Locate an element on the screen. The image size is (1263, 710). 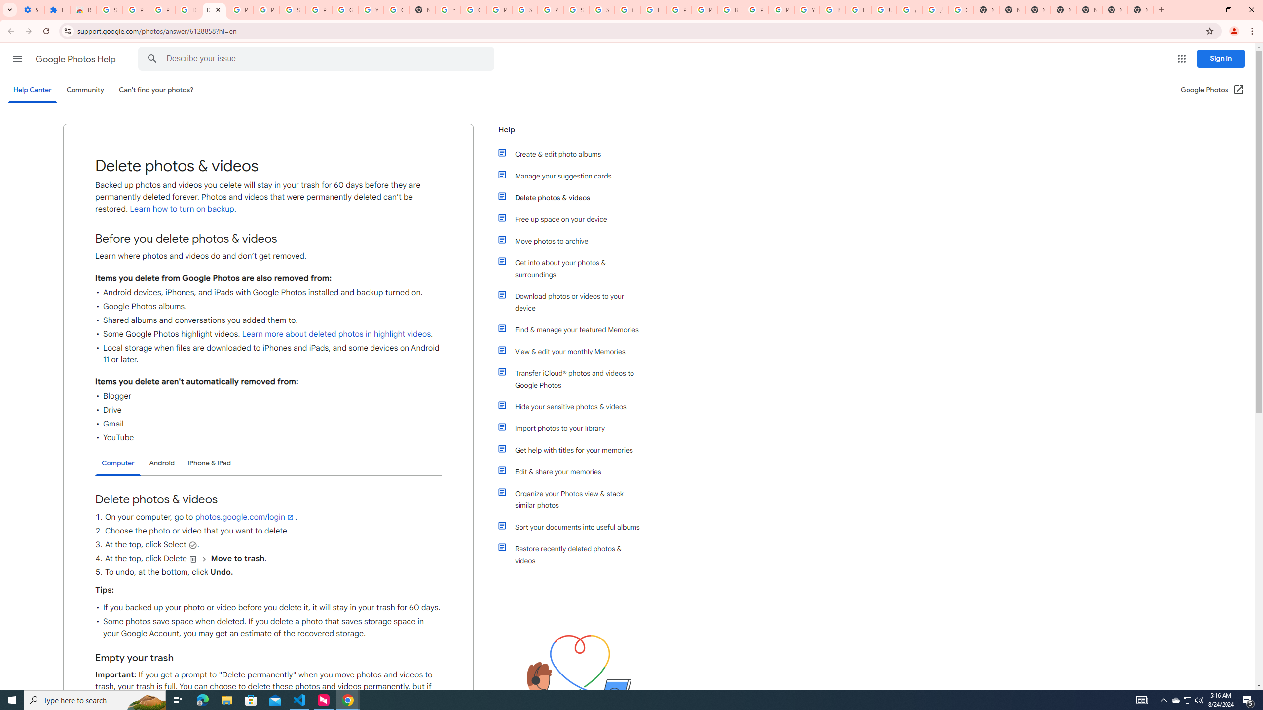
'Create & edit photo albums' is located at coordinates (573, 154).